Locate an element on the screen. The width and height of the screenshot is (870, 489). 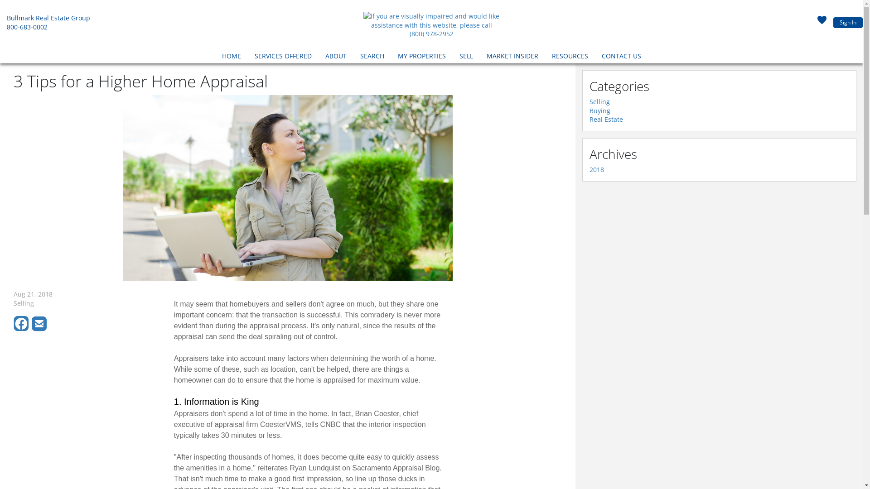
'SERVICES OFFERED' is located at coordinates (252, 57).